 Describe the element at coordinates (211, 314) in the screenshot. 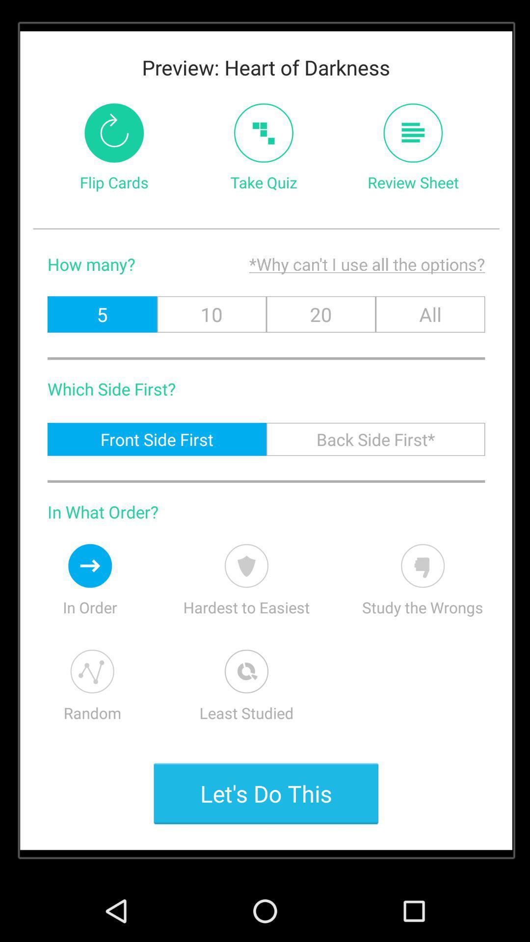

I see `the item next to 5 icon` at that location.